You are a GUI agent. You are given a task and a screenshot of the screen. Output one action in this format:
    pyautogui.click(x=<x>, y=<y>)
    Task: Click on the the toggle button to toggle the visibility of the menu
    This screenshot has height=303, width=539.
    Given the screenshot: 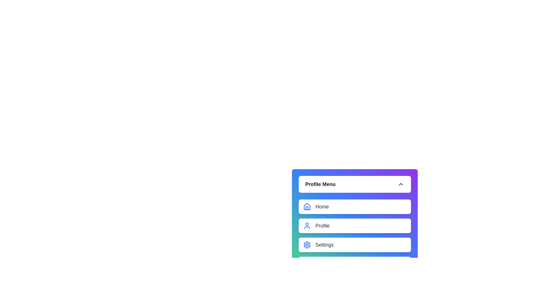 What is the action you would take?
    pyautogui.click(x=354, y=184)
    